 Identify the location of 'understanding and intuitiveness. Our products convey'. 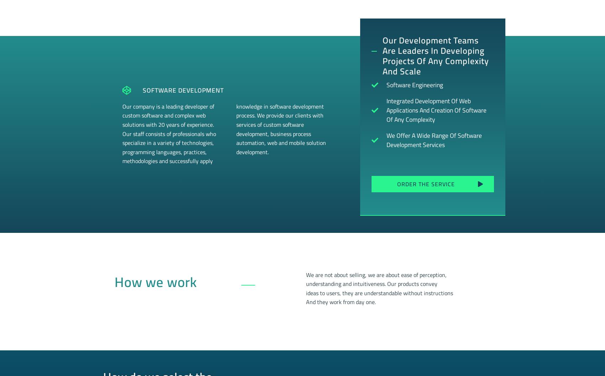
(371, 283).